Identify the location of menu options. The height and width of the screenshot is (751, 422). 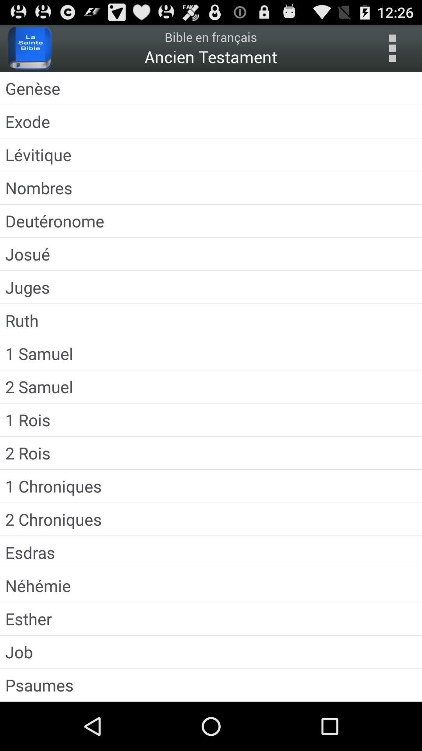
(392, 48).